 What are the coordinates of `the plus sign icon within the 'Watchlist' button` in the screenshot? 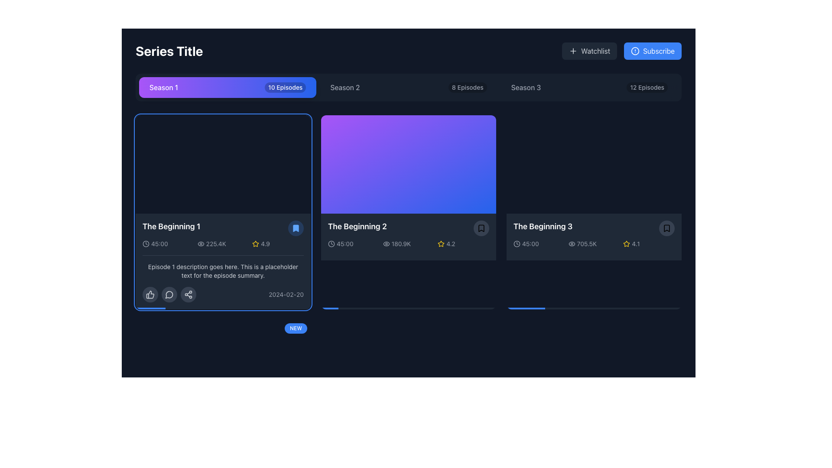 It's located at (573, 51).